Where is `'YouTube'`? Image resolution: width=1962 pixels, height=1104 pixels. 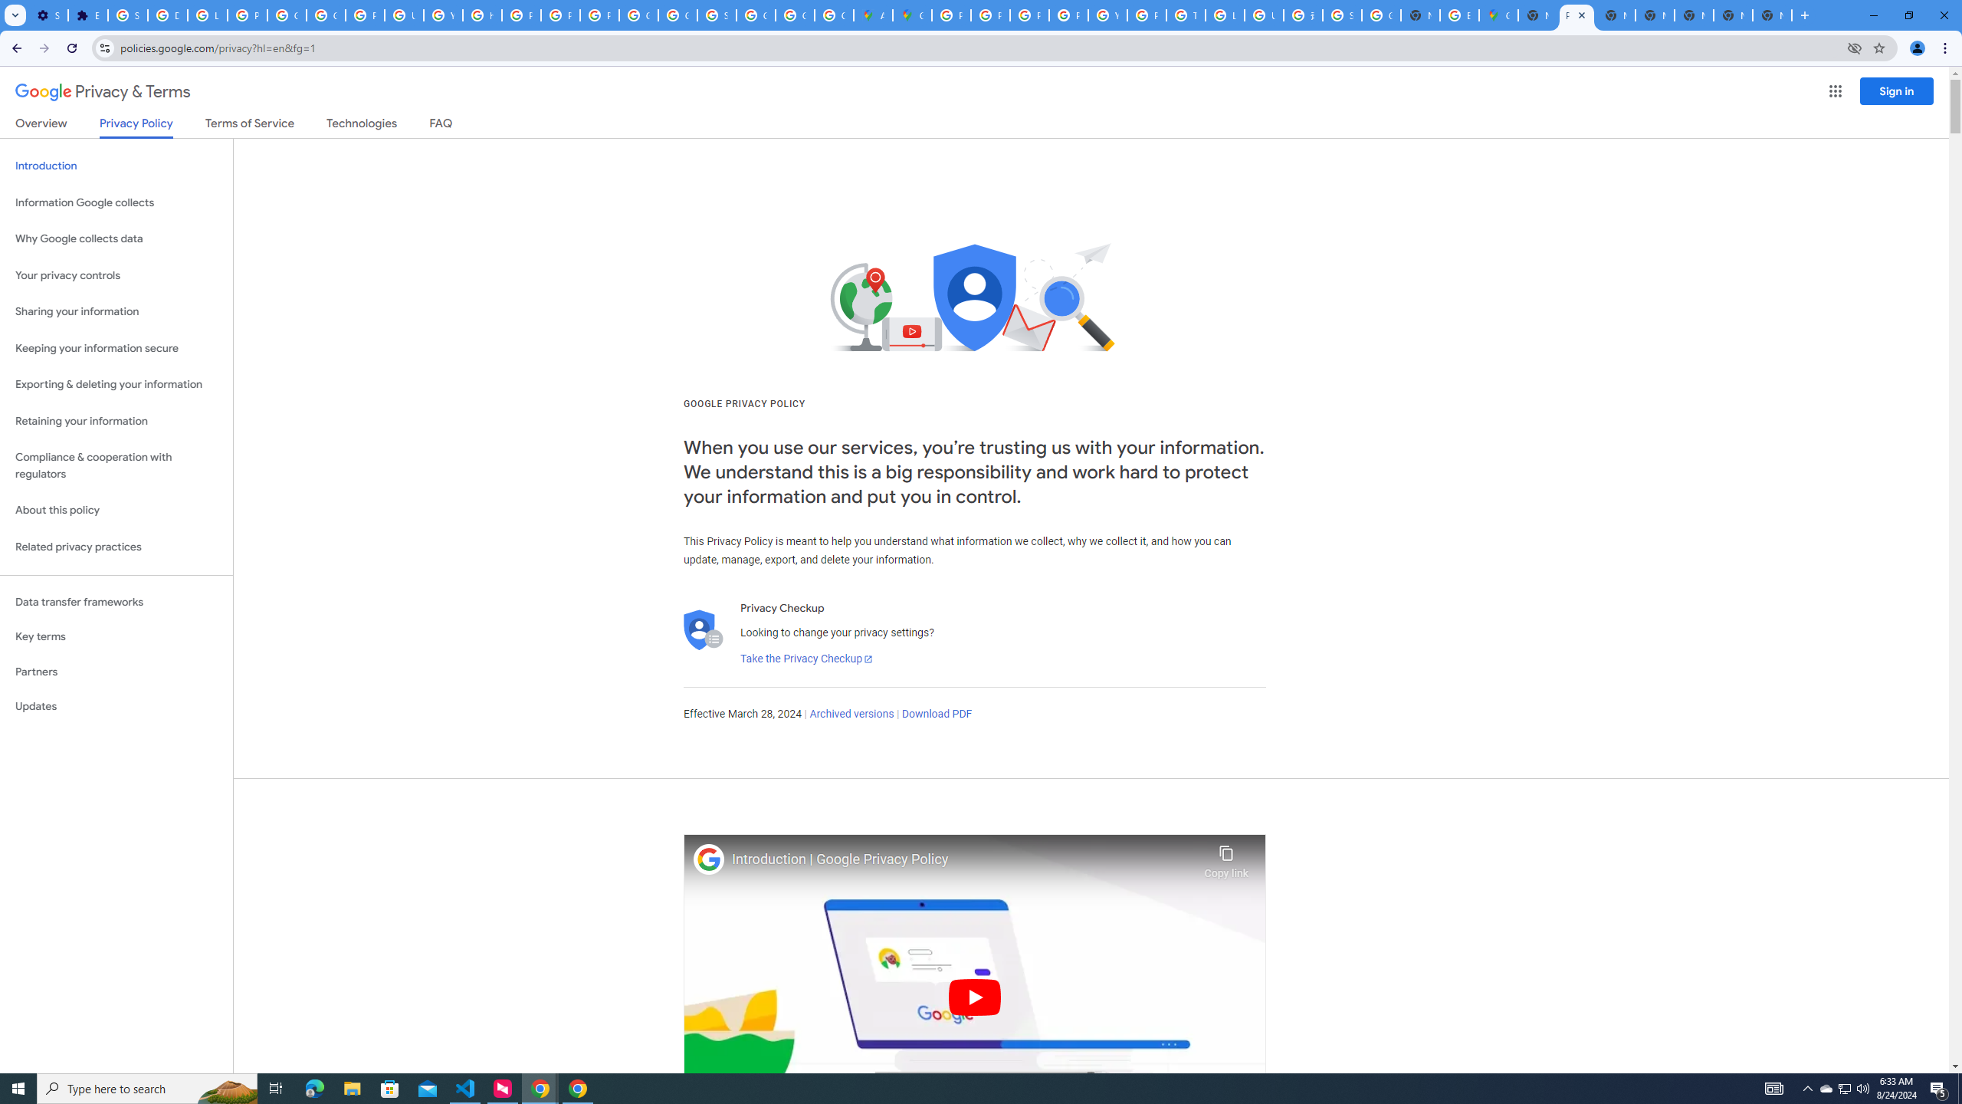
'YouTube' is located at coordinates (441, 15).